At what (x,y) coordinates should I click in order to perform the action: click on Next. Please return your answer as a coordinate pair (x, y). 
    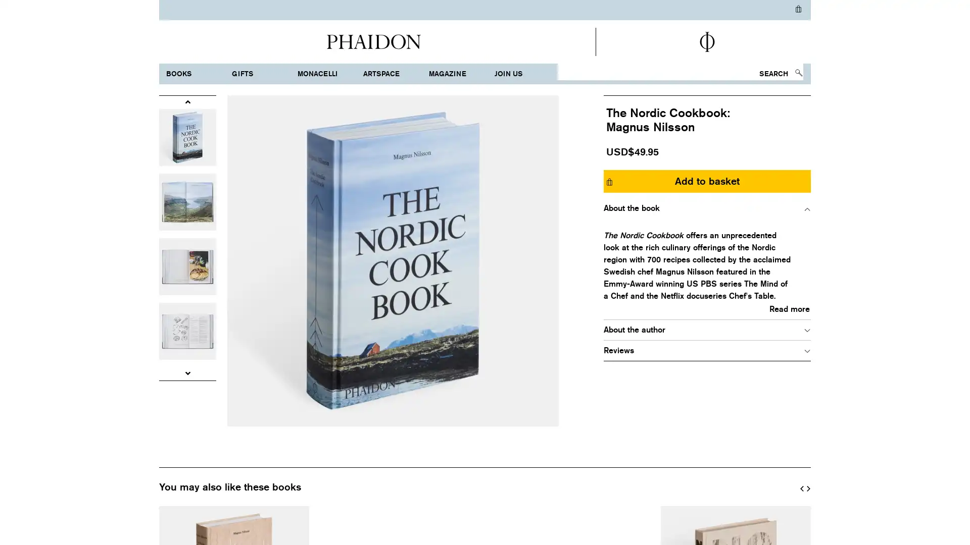
    Looking at the image, I should click on (807, 486).